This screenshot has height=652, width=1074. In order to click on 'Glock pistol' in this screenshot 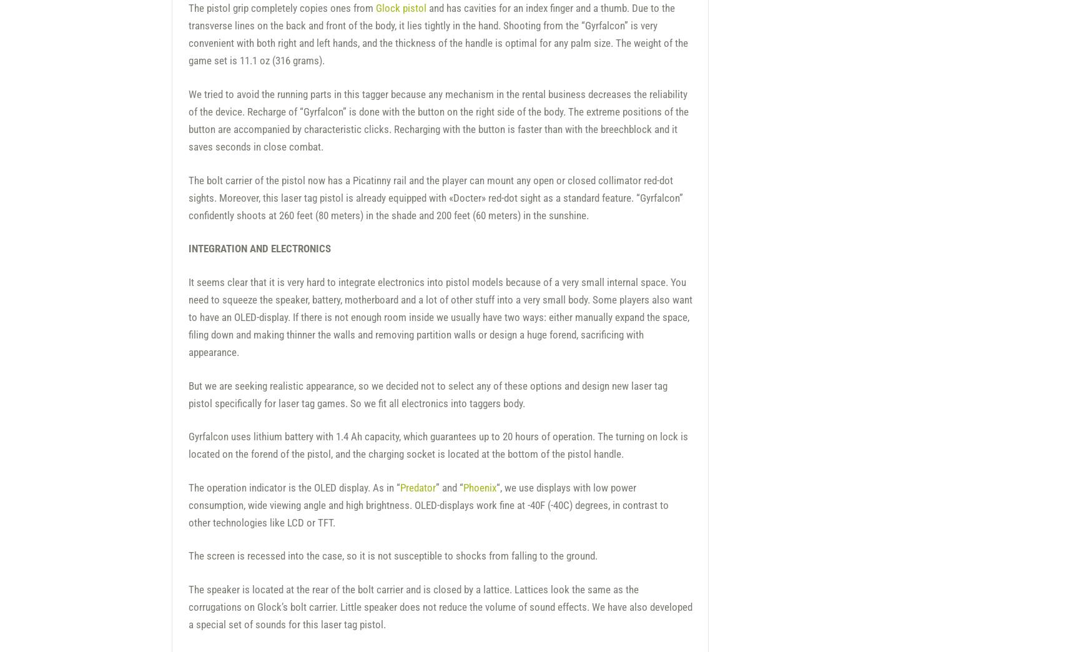, I will do `click(400, 7)`.